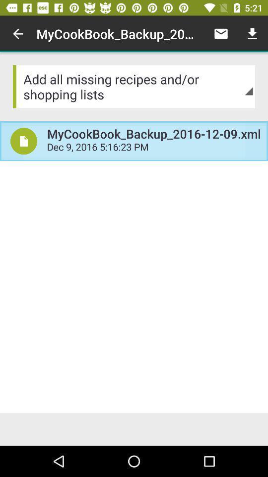  Describe the element at coordinates (154, 148) in the screenshot. I see `item below the mycookbook_backup_2016 12 09` at that location.